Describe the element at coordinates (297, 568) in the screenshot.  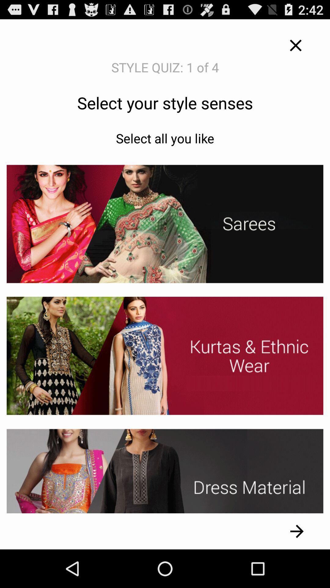
I see `the arrow_forward icon` at that location.